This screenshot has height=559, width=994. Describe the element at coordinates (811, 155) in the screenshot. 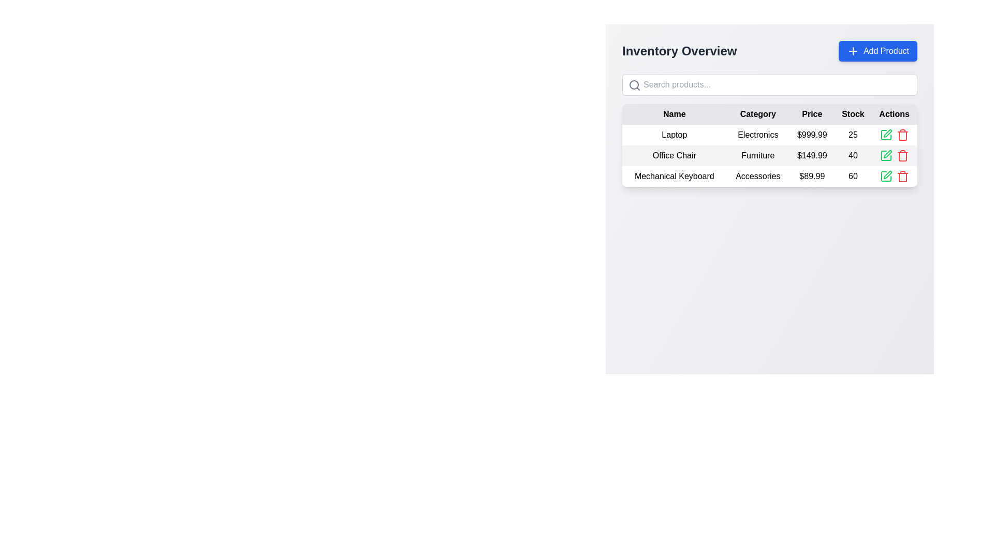

I see `the 'Price' text label displaying the monetary value for the 'Office Chair' item, which is styled in black text on a light gray background` at that location.